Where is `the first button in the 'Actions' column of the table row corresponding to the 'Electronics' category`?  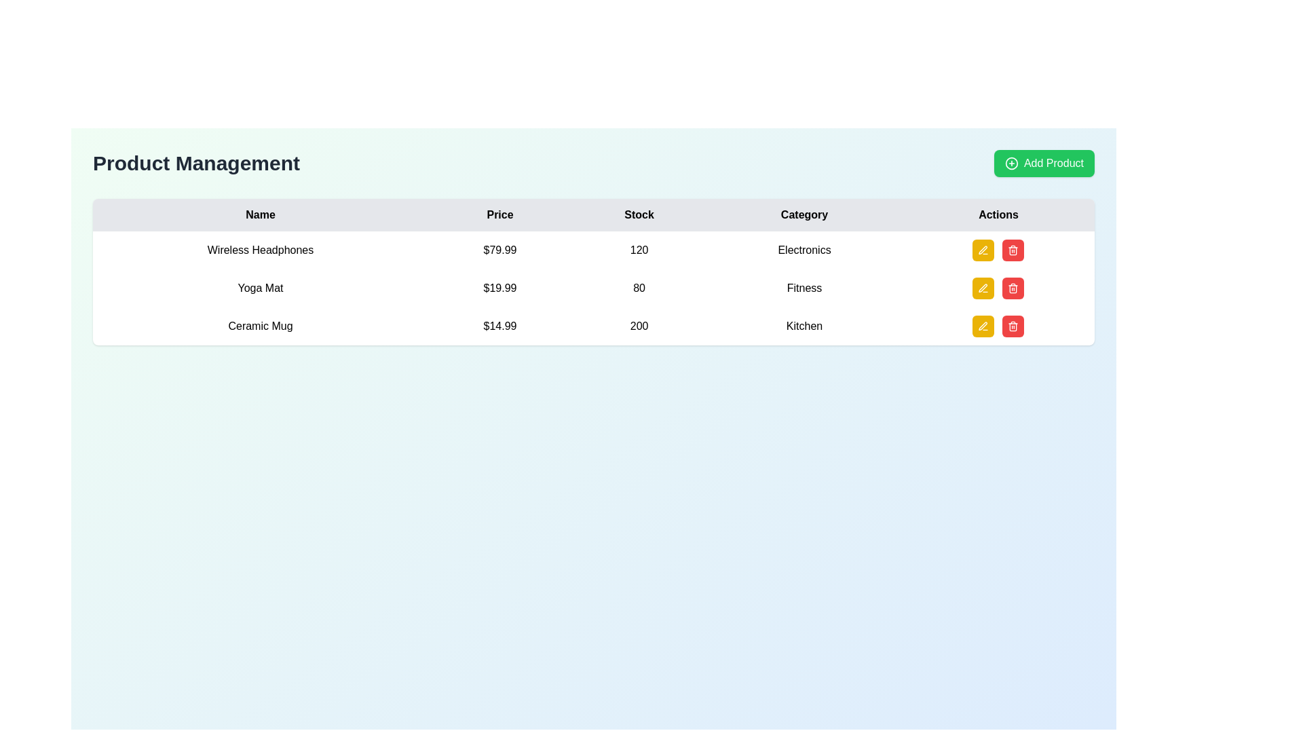
the first button in the 'Actions' column of the table row corresponding to the 'Electronics' category is located at coordinates (983, 250).